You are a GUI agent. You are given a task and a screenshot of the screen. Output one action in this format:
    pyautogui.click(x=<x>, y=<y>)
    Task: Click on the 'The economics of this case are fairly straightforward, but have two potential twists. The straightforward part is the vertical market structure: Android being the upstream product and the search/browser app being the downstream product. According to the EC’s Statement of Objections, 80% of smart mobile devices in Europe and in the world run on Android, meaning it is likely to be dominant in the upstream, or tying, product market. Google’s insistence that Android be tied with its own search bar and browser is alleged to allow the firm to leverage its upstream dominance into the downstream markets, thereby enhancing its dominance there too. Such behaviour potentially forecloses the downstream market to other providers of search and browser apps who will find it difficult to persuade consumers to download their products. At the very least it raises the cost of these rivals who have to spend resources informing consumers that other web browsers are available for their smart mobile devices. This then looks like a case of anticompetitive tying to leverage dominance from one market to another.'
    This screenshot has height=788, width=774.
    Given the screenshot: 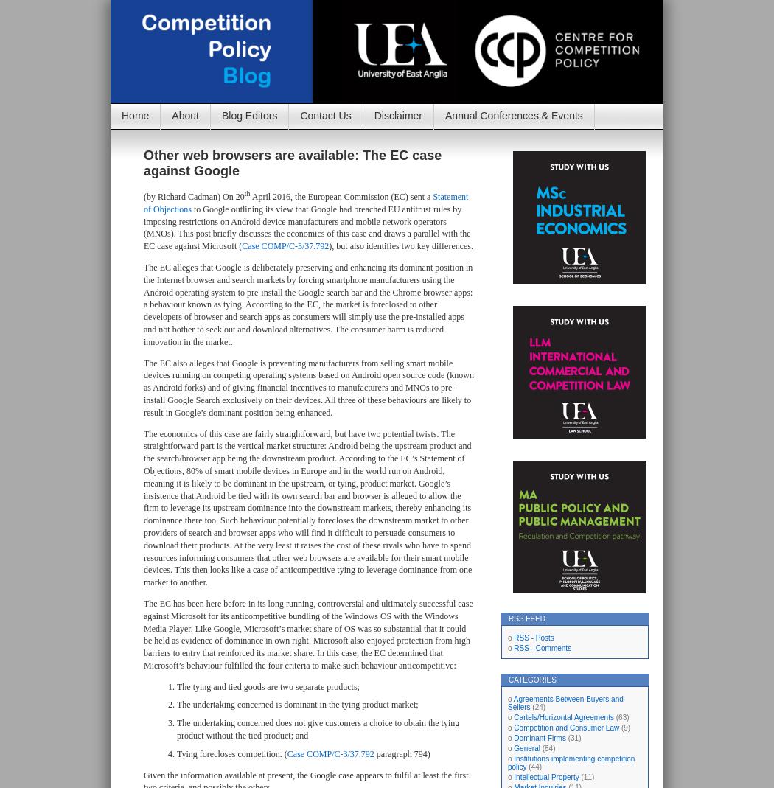 What is the action you would take?
    pyautogui.click(x=142, y=506)
    